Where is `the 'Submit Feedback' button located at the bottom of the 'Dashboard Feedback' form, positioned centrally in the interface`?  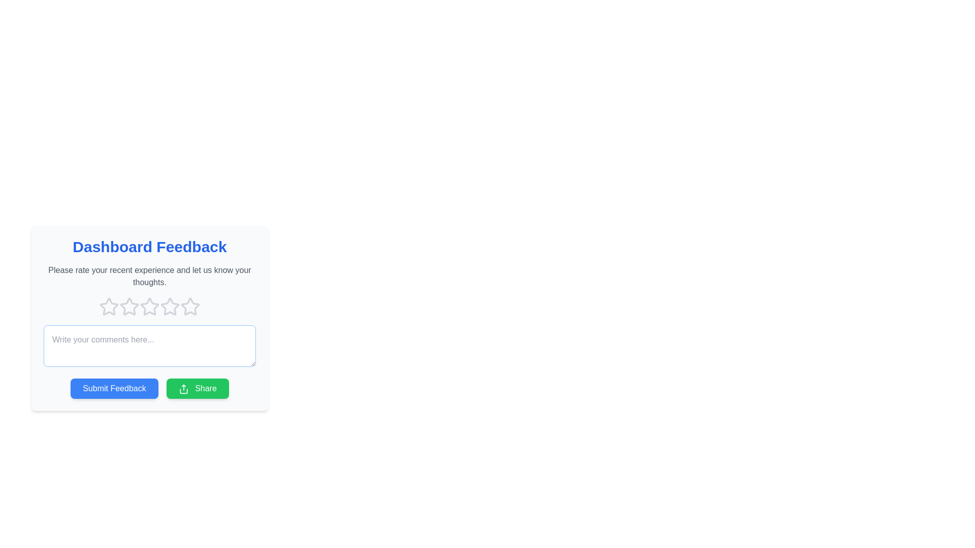
the 'Submit Feedback' button located at the bottom of the 'Dashboard Feedback' form, positioned centrally in the interface is located at coordinates (149, 388).